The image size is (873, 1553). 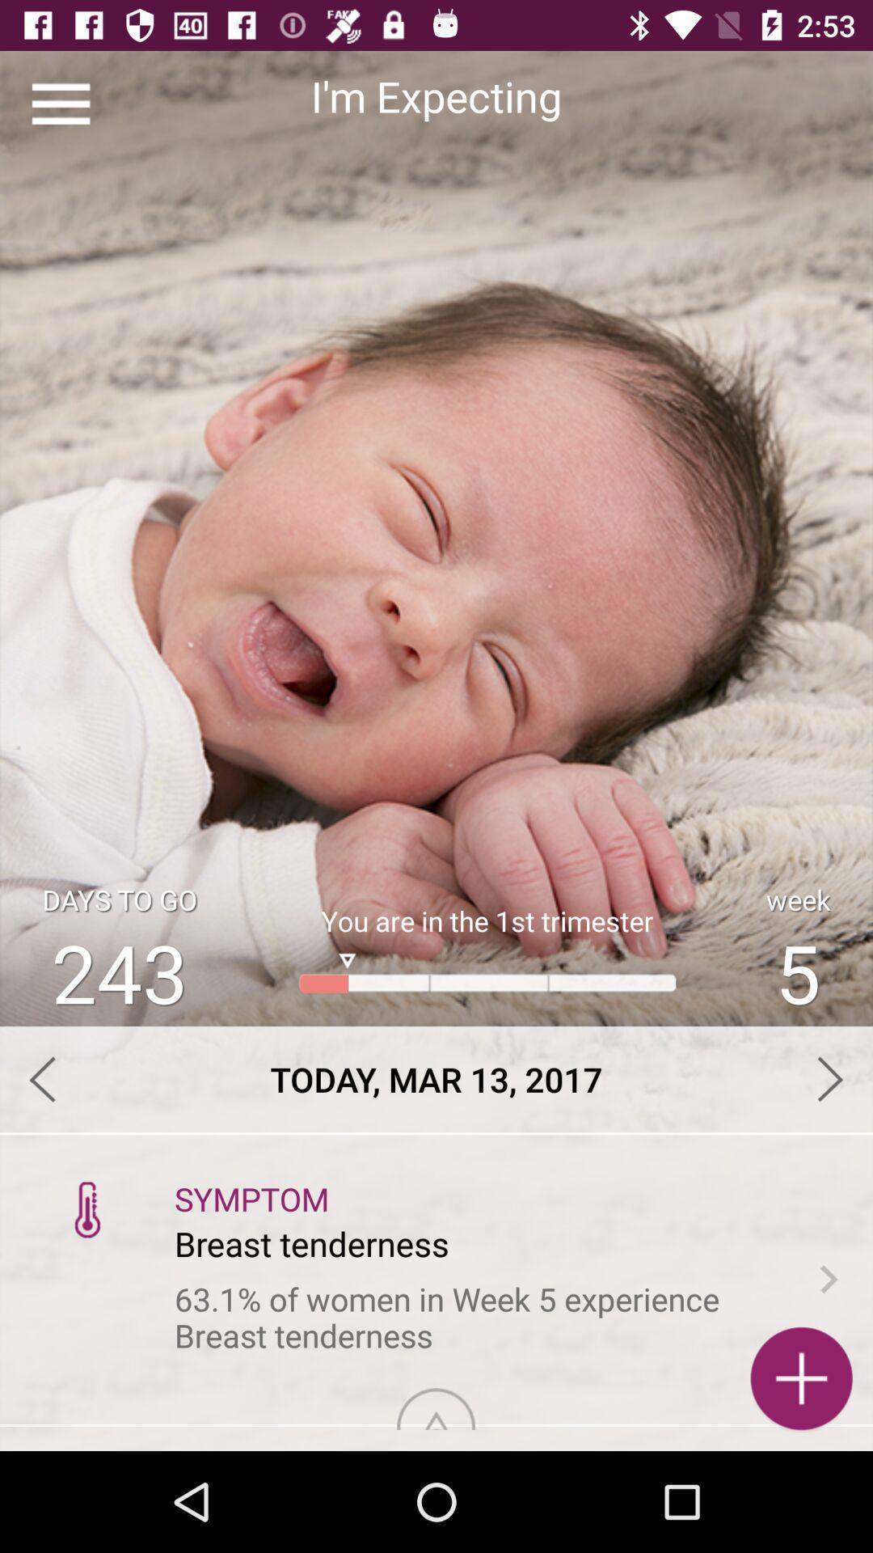 I want to click on the item at the top left corner, so click(x=60, y=103).